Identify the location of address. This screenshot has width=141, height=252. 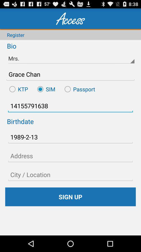
(70, 156).